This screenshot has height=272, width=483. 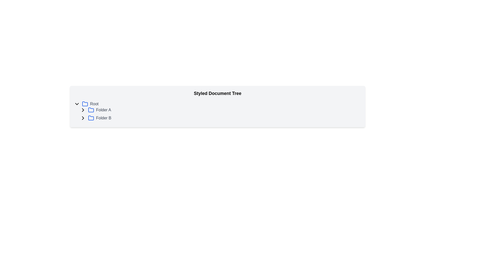 I want to click on the chevron-right icon next to the 'Folder B' text label, so click(x=83, y=110).